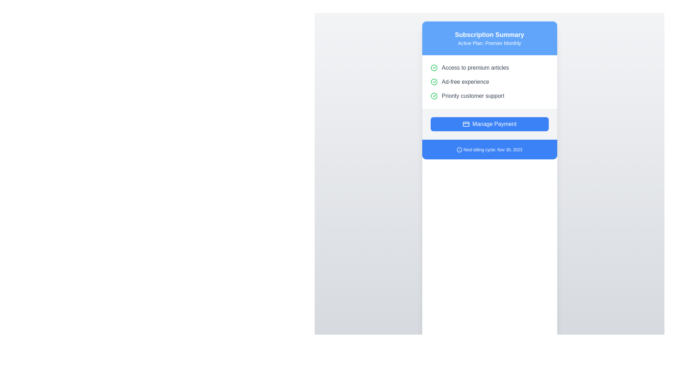 The width and height of the screenshot is (675, 380). What do you see at coordinates (433, 81) in the screenshot?
I see `the confirmation icon that indicates success for the 'Ad-free experience' text, located to the left of it in the 'Subscription Summary' section` at bounding box center [433, 81].